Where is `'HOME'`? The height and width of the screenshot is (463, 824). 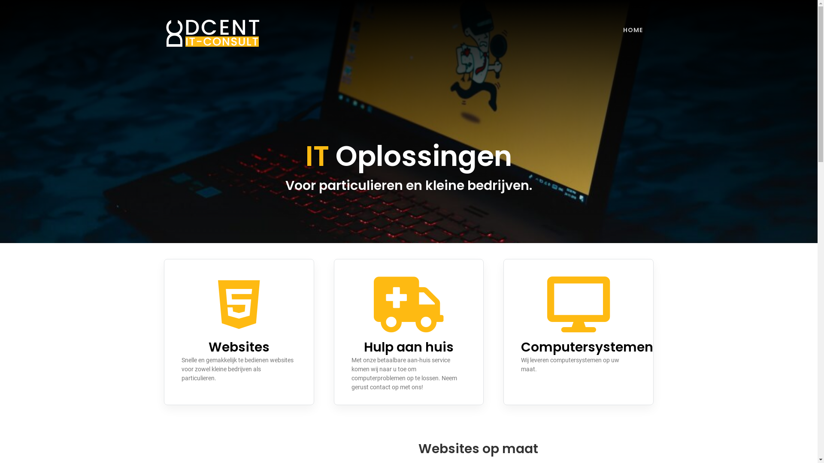
'HOME' is located at coordinates (633, 29).